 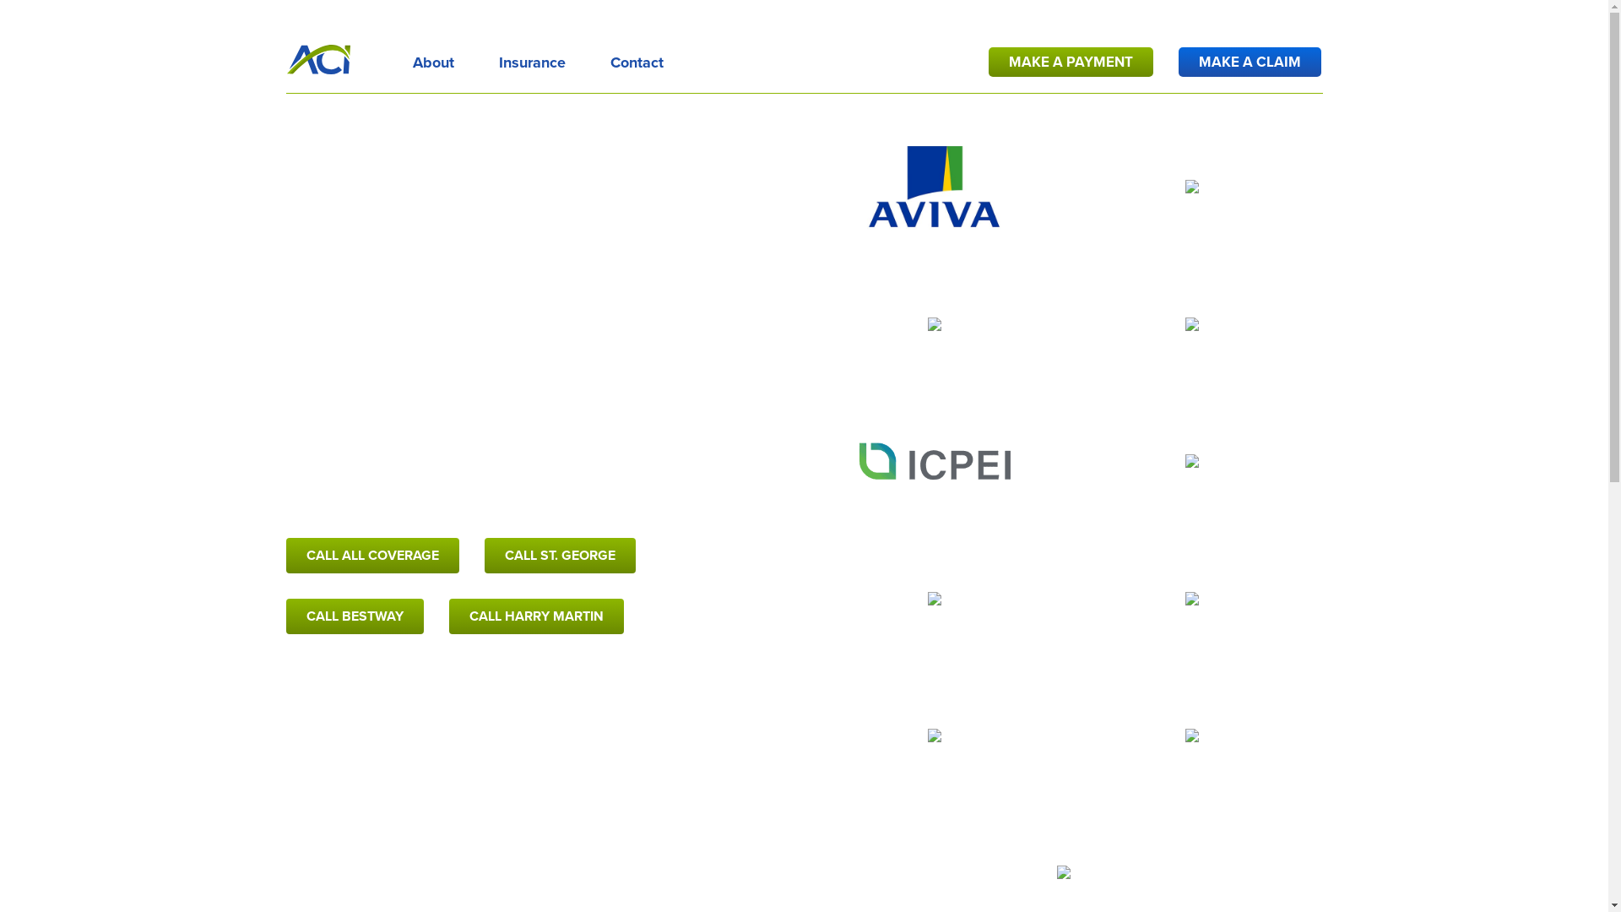 What do you see at coordinates (318, 58) in the screenshot?
I see `'NAV-logo'` at bounding box center [318, 58].